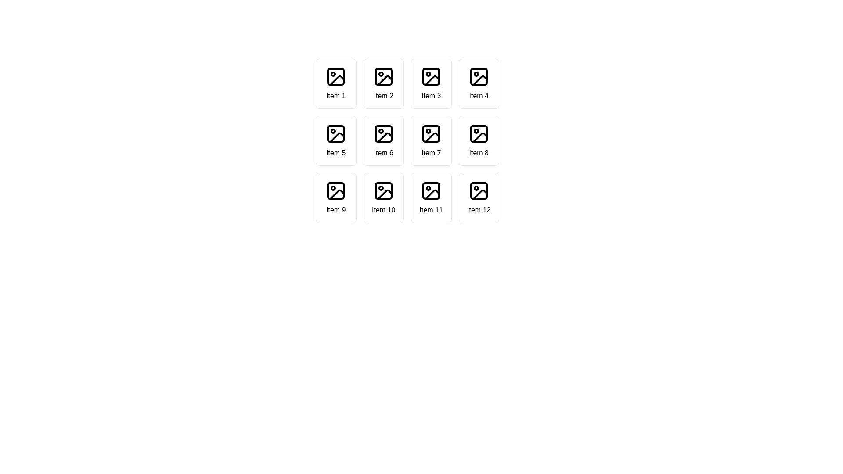  What do you see at coordinates (478, 190) in the screenshot?
I see `the vector graphic element located at the center of the icon in the twelfth item of a 4x3 grid layout labeled 'Item 12'` at bounding box center [478, 190].